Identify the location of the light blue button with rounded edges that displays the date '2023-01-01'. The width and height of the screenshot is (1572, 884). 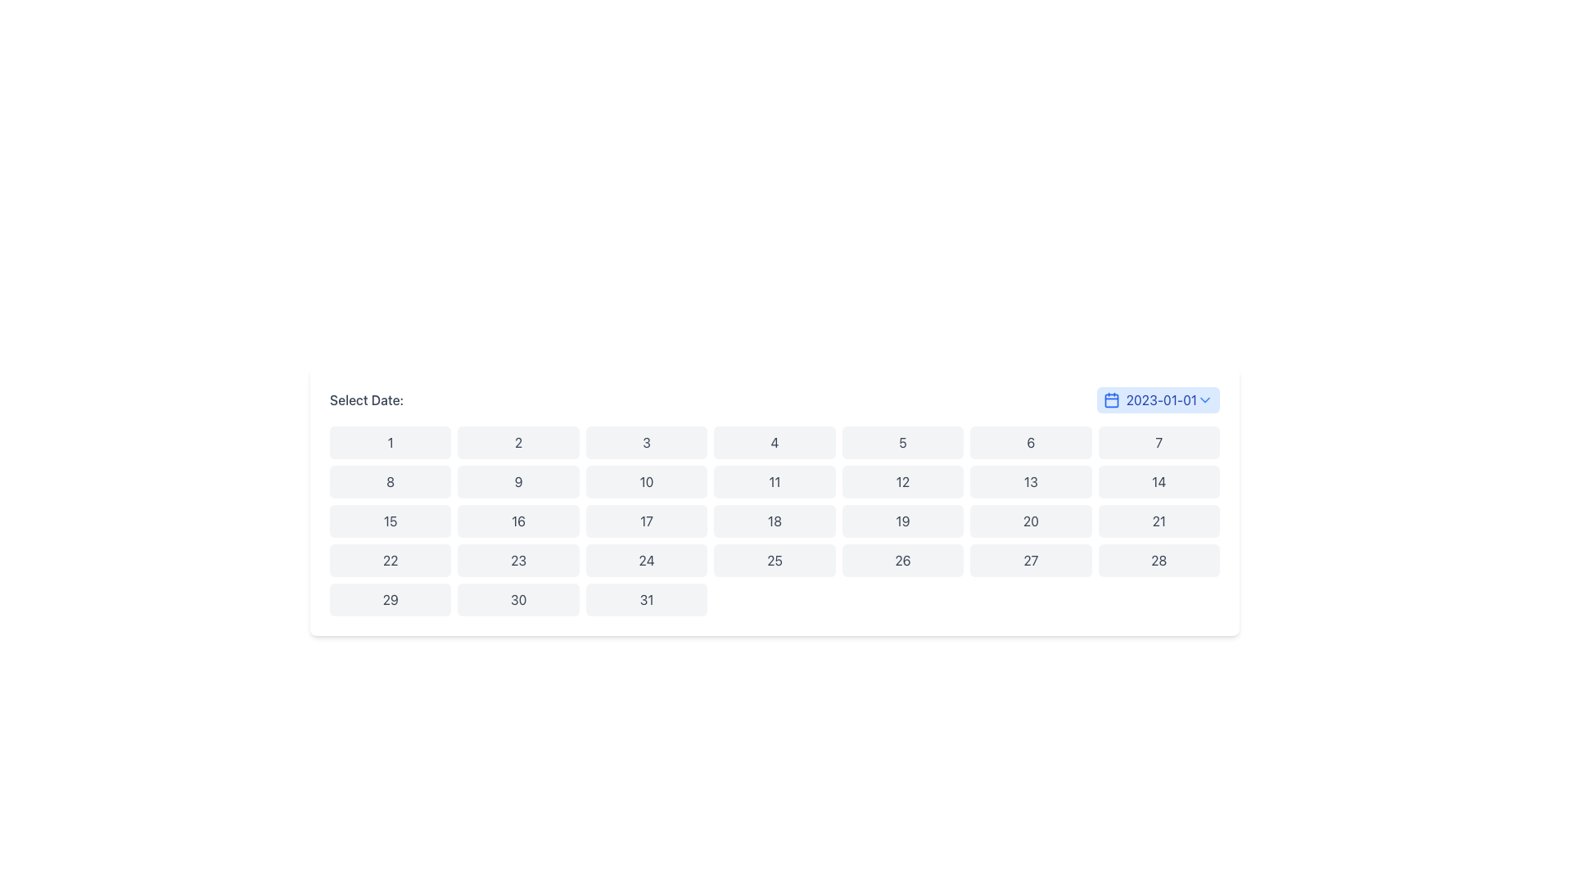
(1157, 400).